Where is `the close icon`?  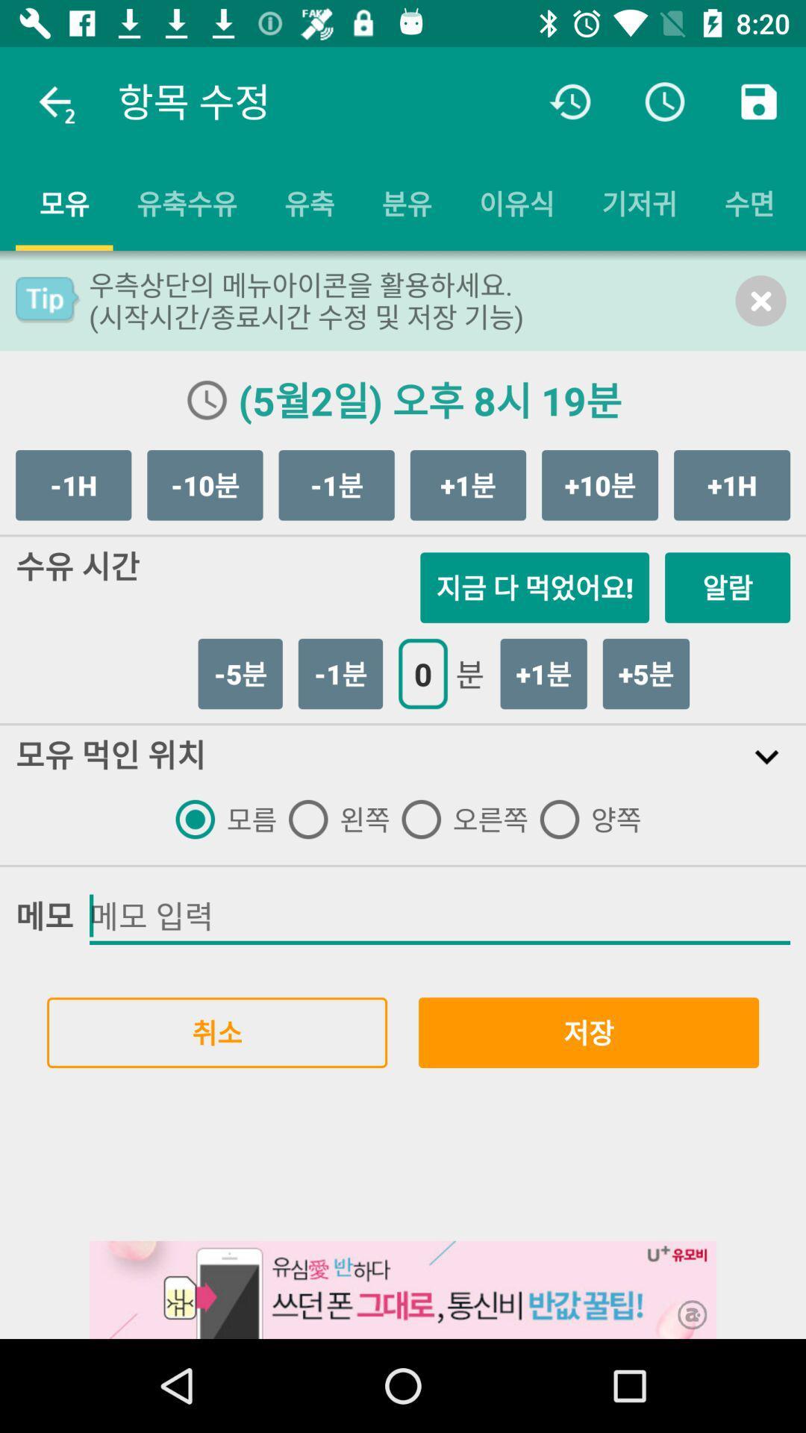 the close icon is located at coordinates (760, 300).